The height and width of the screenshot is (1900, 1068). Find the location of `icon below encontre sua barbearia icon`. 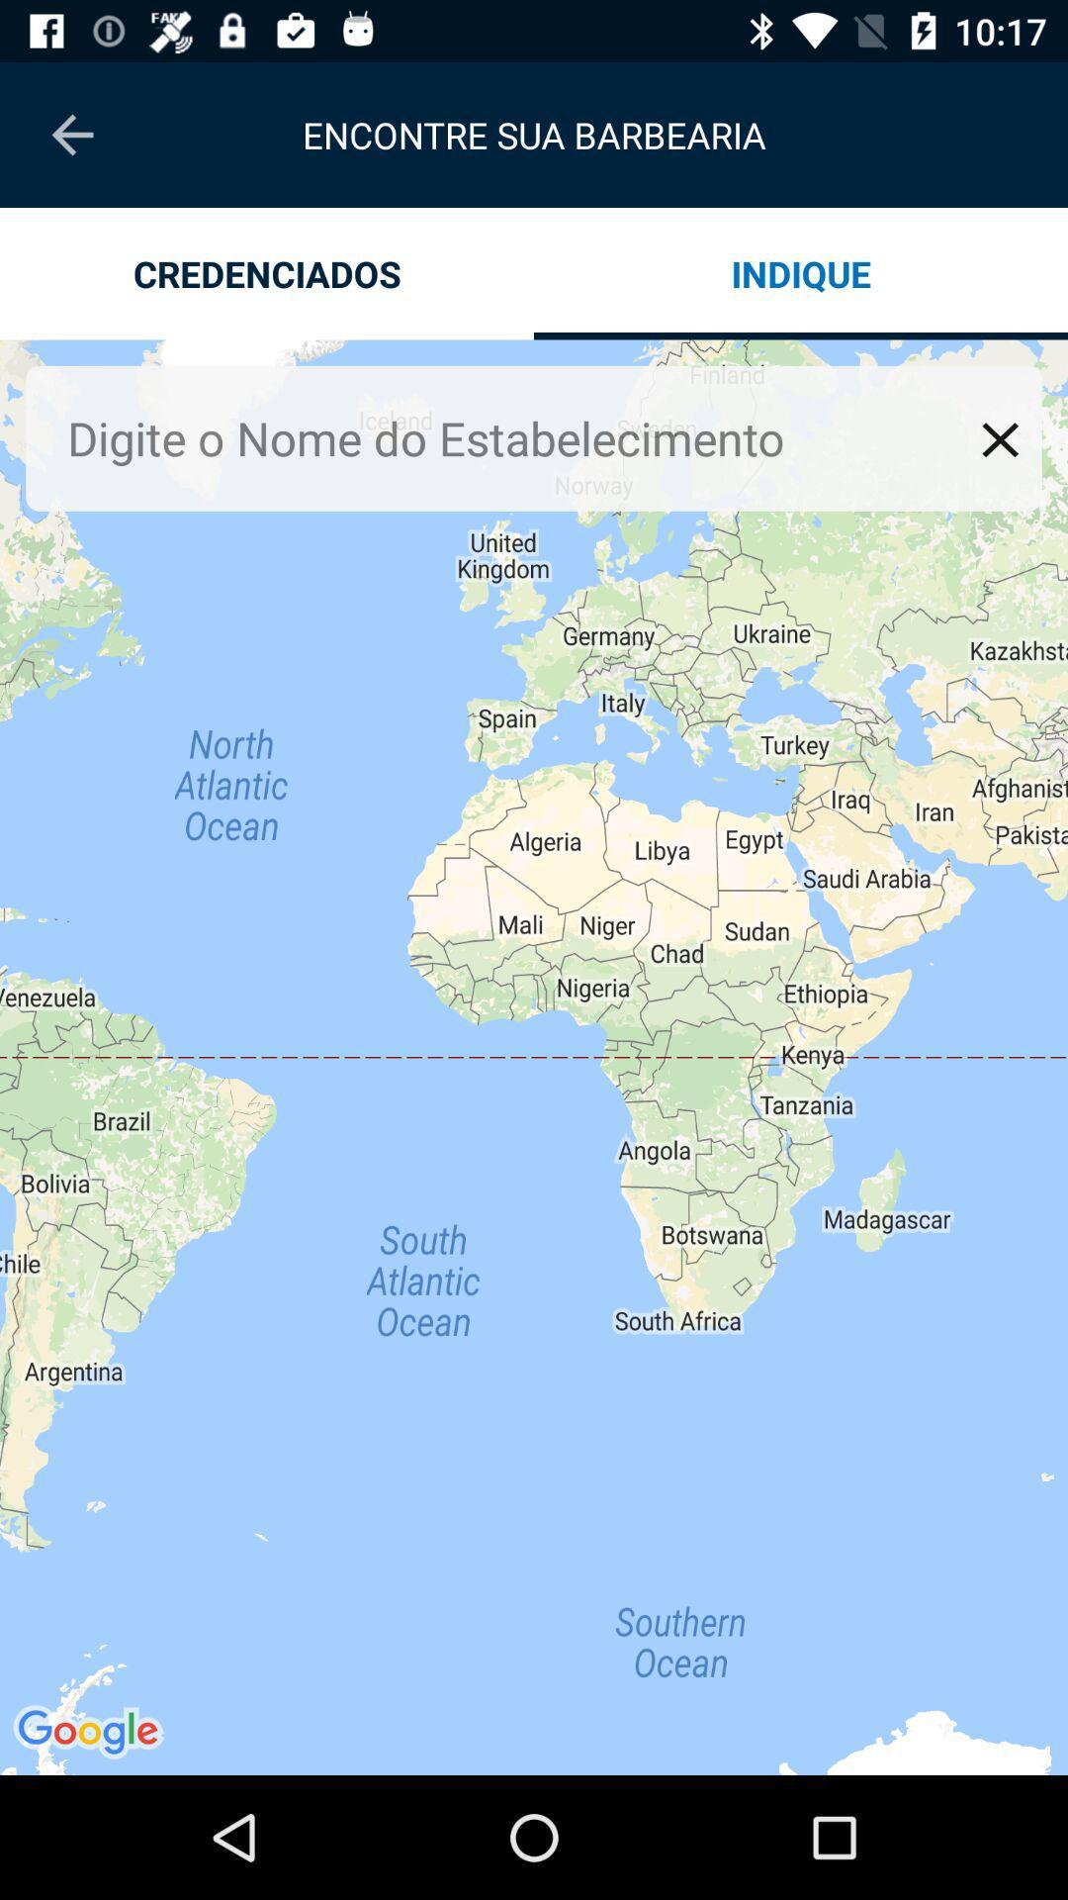

icon below encontre sua barbearia icon is located at coordinates (801, 272).